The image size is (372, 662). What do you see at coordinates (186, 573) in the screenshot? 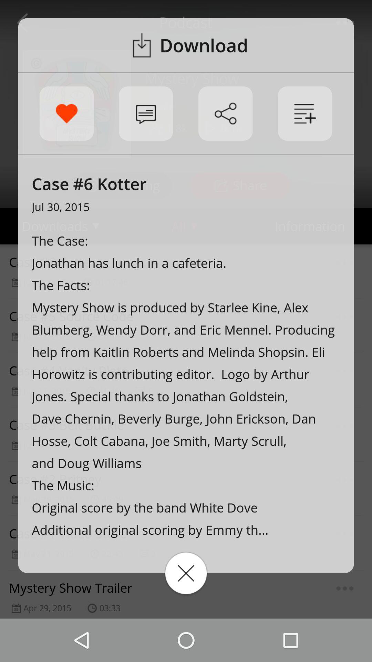
I see `it` at bounding box center [186, 573].